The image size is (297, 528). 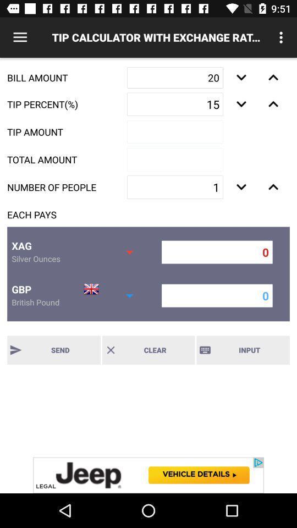 What do you see at coordinates (273, 187) in the screenshot?
I see `decrease` at bounding box center [273, 187].